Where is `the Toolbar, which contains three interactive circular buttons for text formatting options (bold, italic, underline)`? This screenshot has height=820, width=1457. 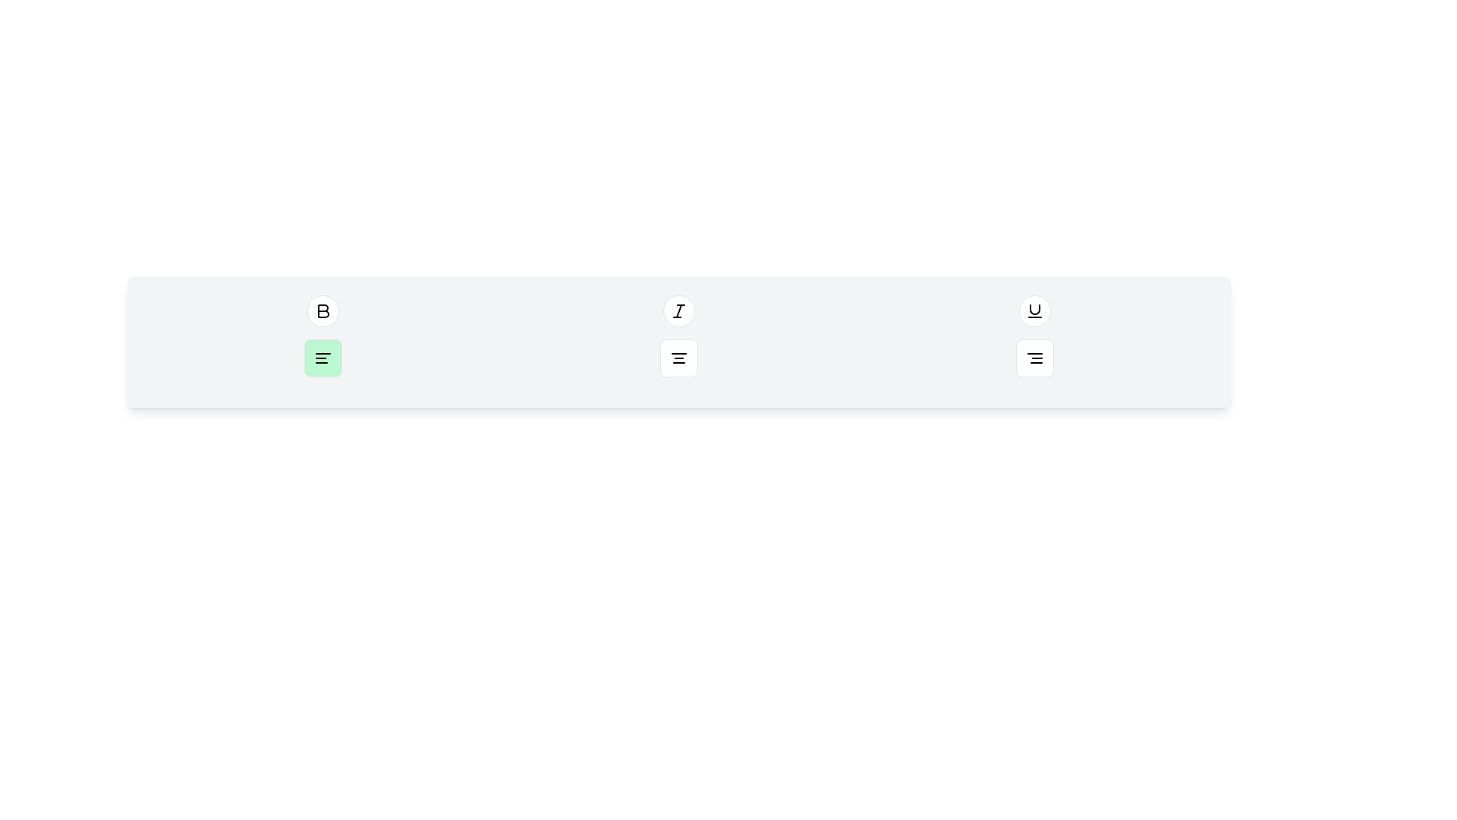
the Toolbar, which contains three interactive circular buttons for text formatting options (bold, italic, underline) is located at coordinates (678, 310).